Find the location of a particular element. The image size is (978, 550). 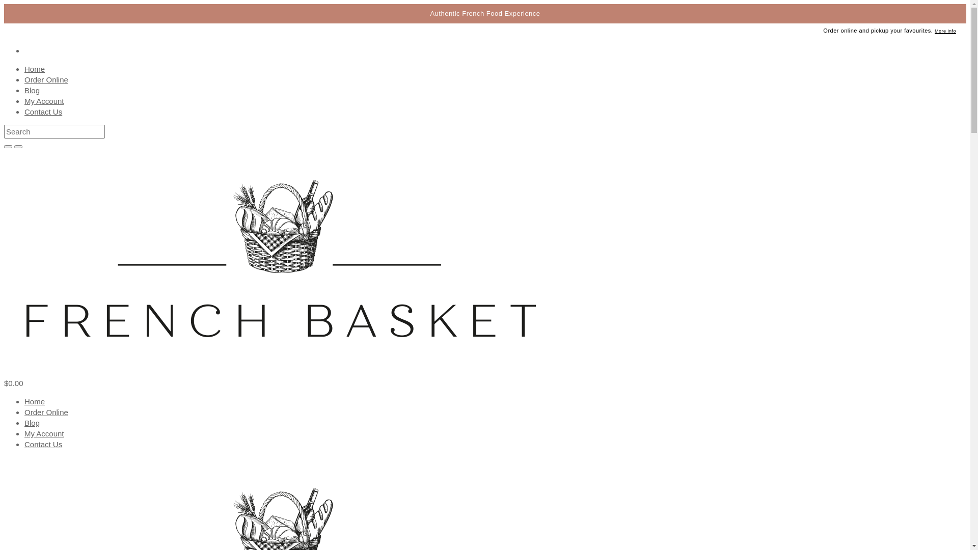

'Order Online' is located at coordinates (46, 411).